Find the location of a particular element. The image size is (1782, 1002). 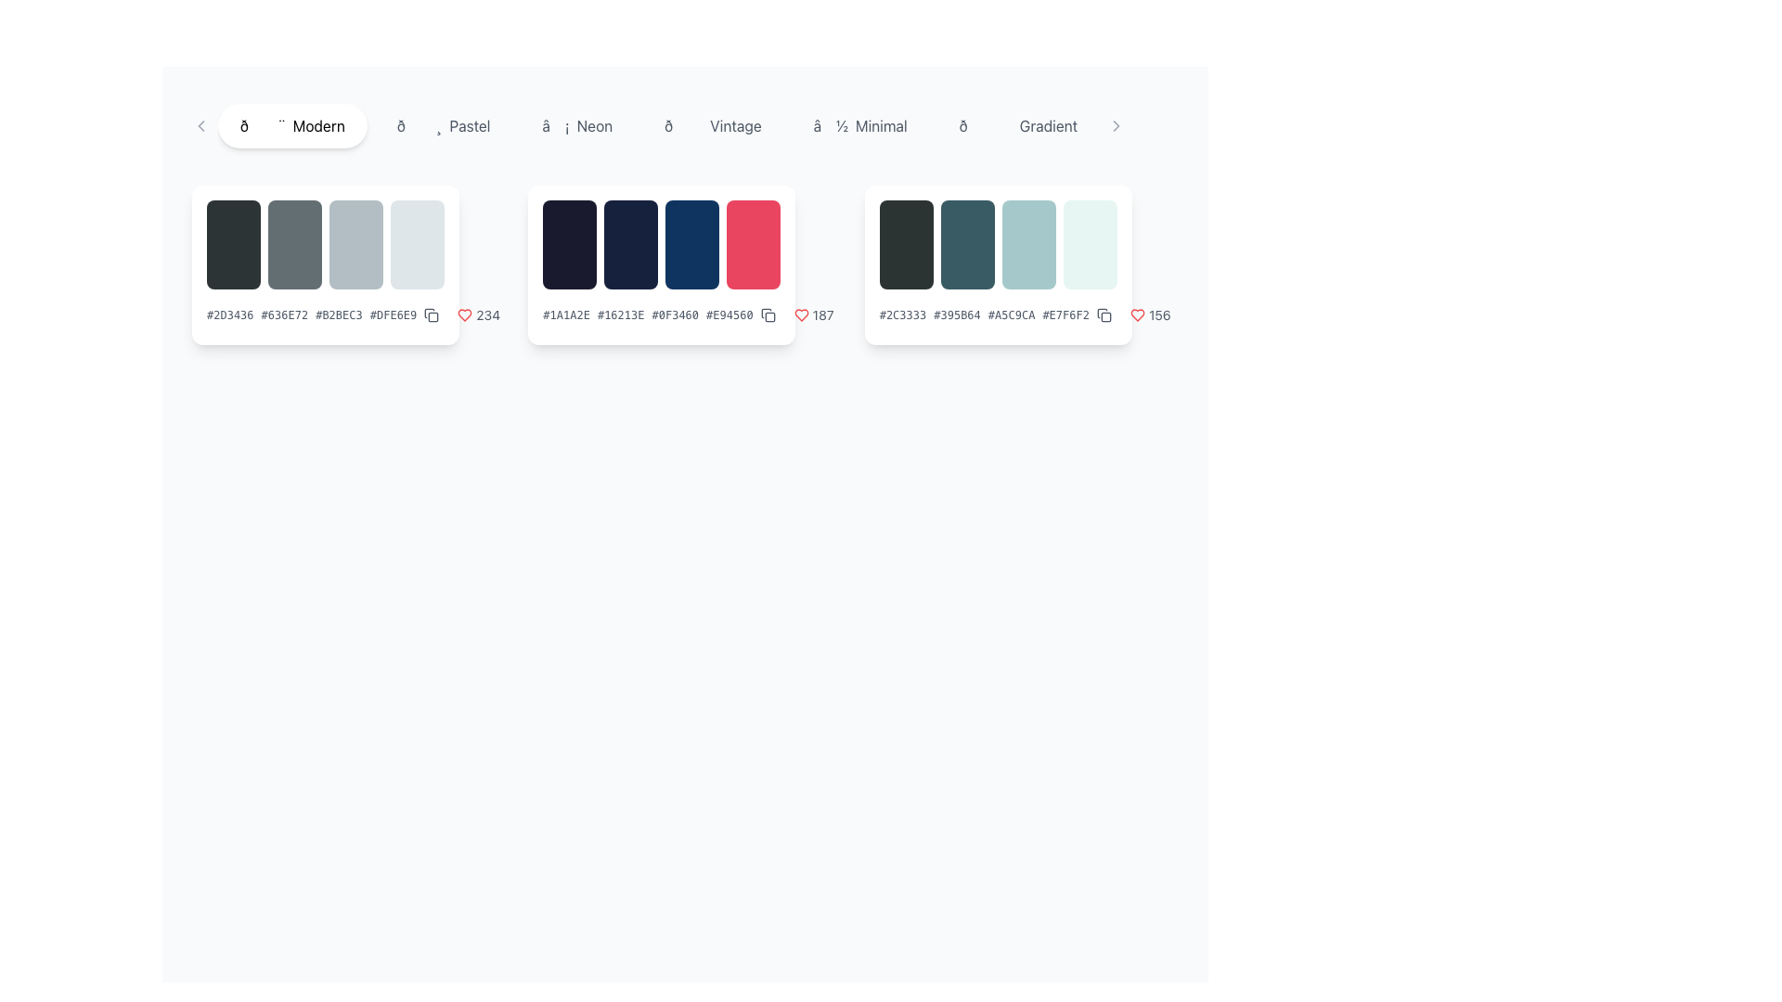

the text content of the Text label displaying the hexadecimal code '#0F3460', which is the third item in a row of hexadecimal color codes within the middle card of the second row of the grid layout is located at coordinates (674, 314).